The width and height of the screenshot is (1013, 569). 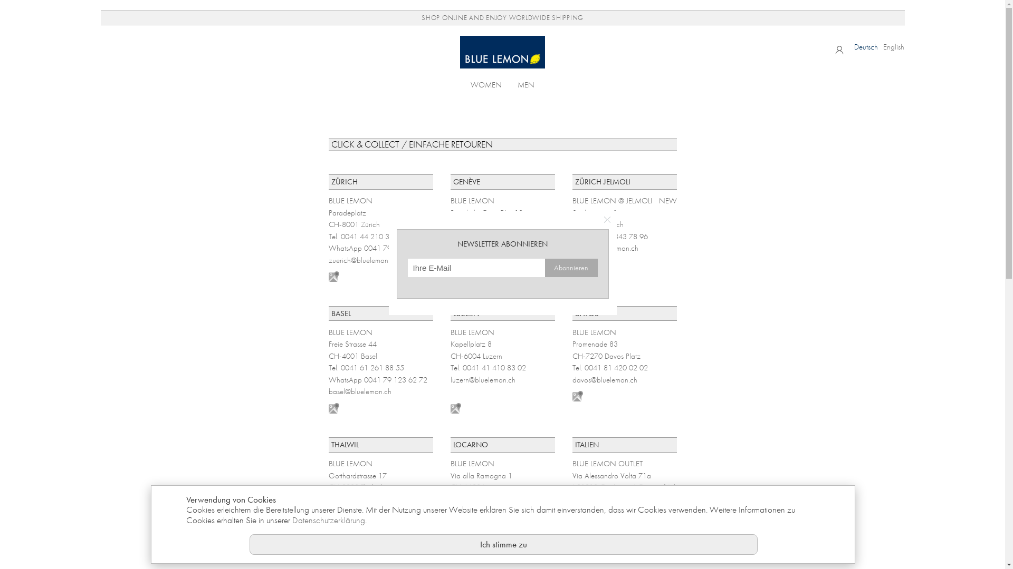 What do you see at coordinates (359, 391) in the screenshot?
I see `'basel@bluelemon.ch'` at bounding box center [359, 391].